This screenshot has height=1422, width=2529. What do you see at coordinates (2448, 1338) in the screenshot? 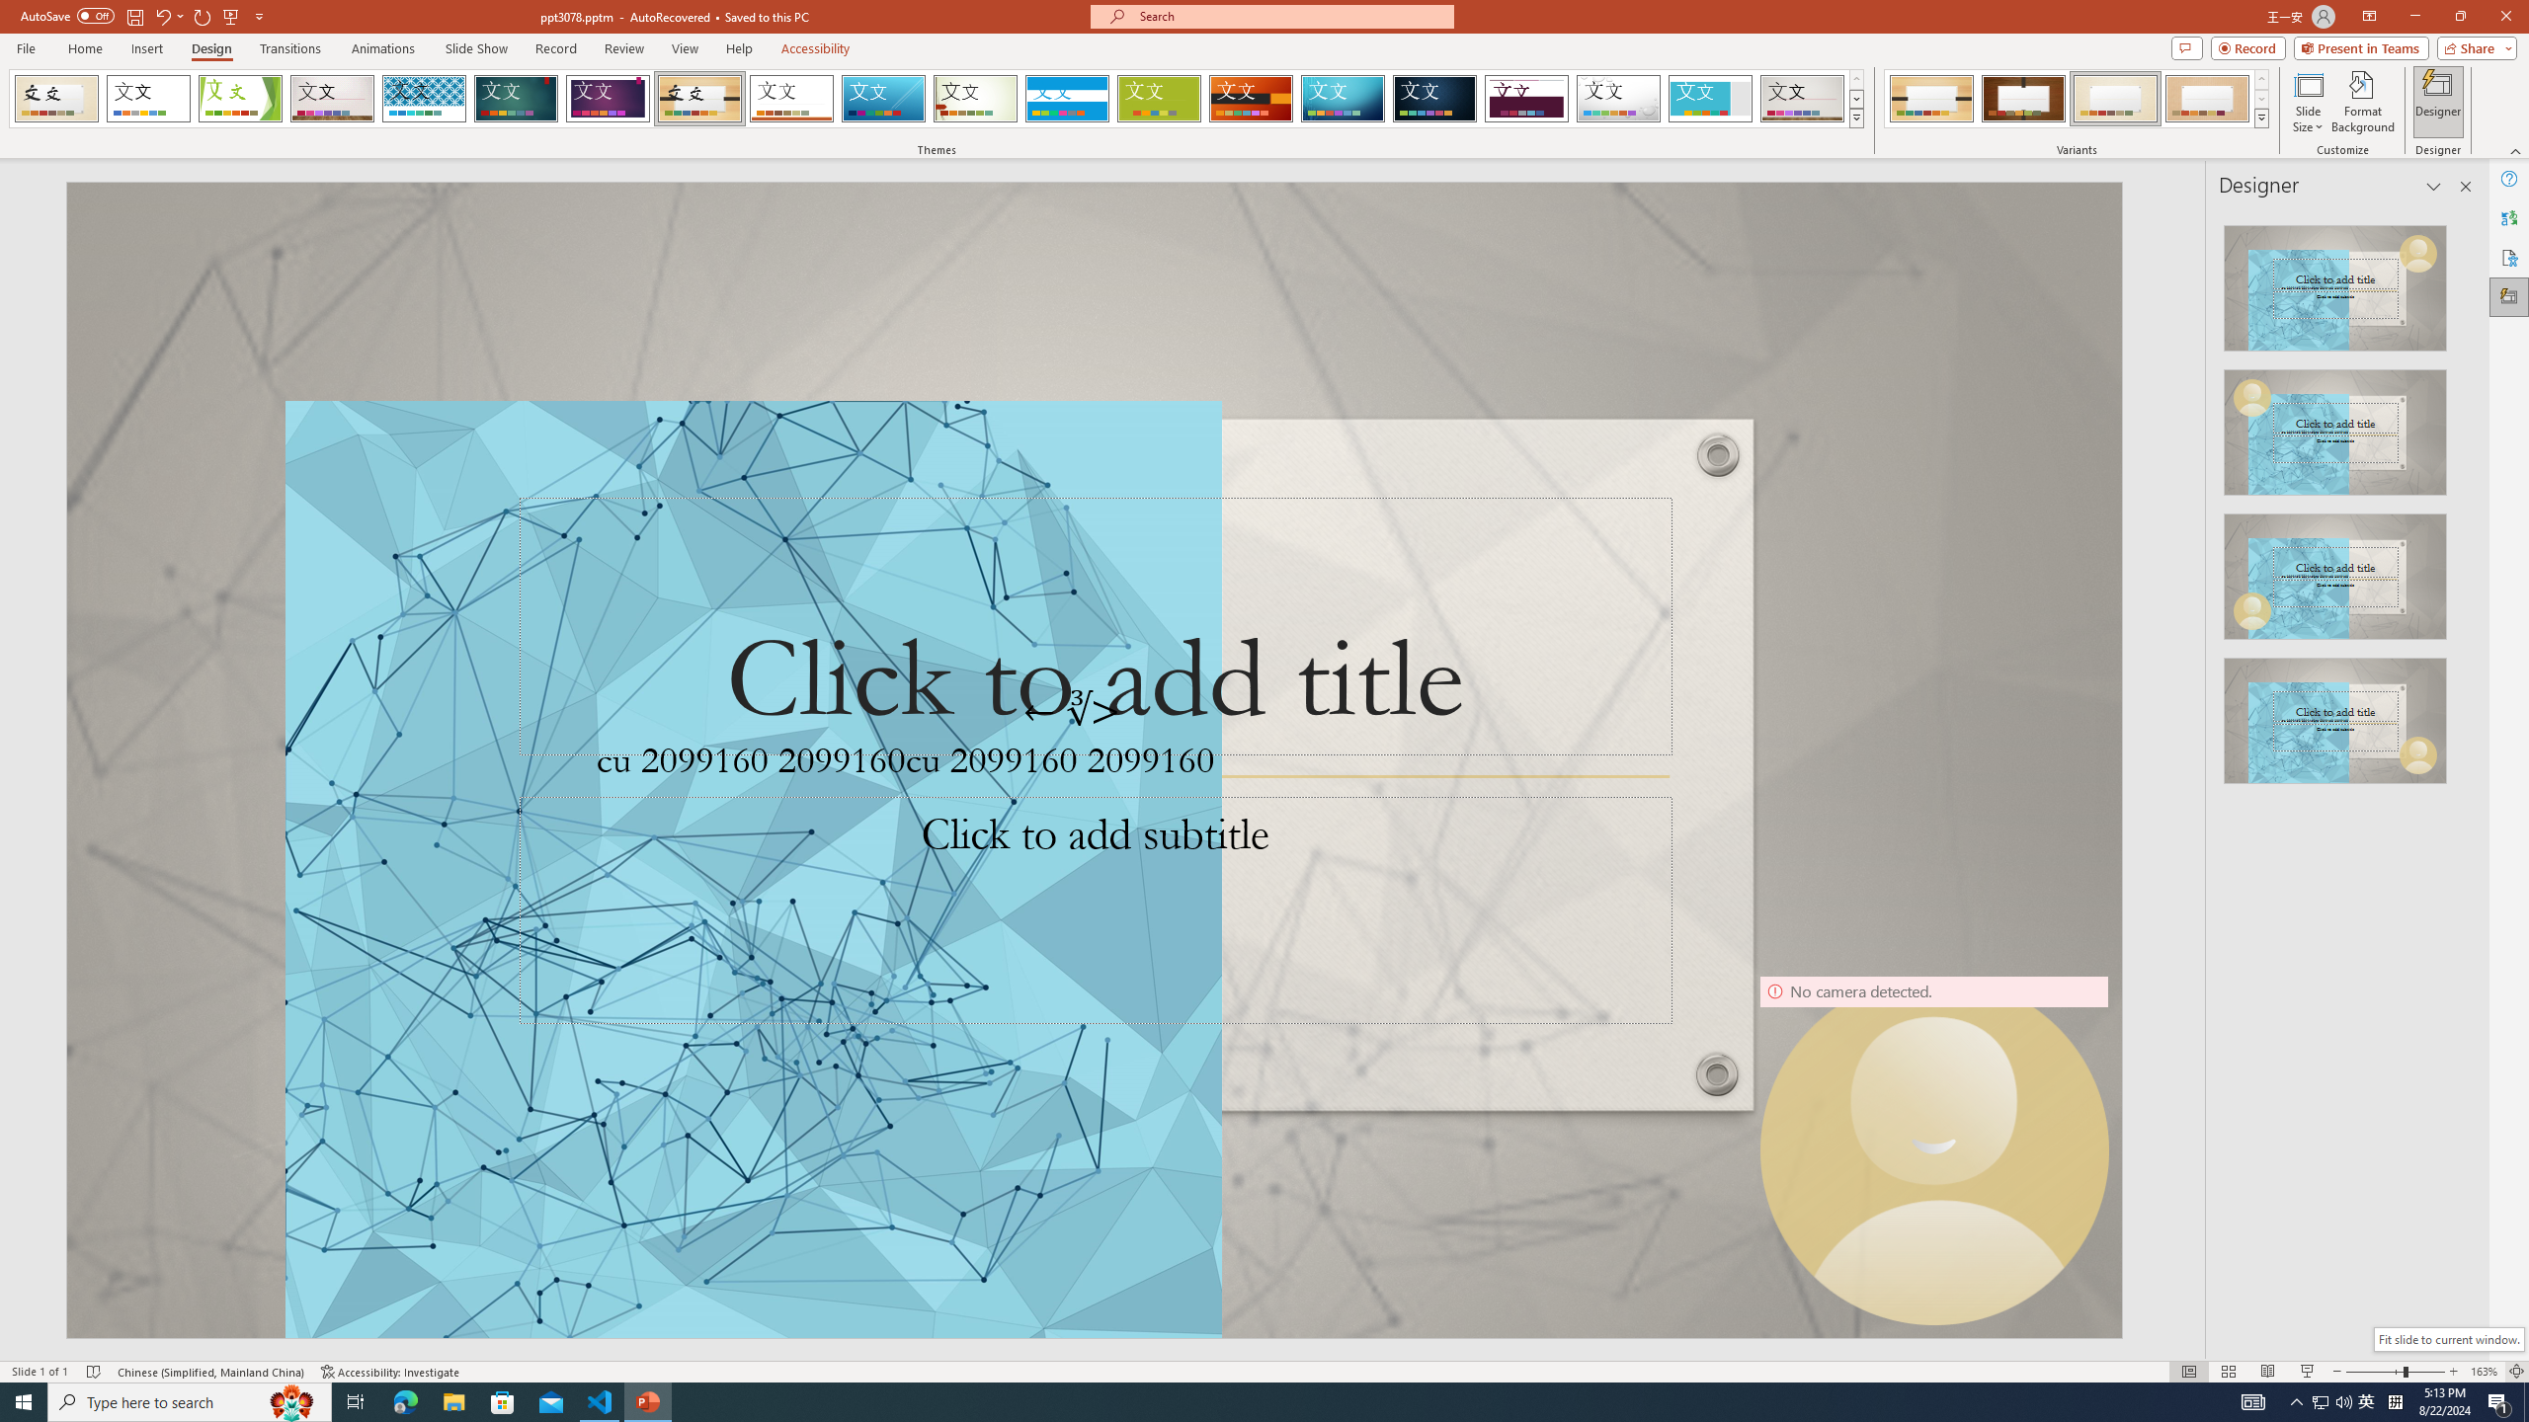
I see `'Fit slide to current window.'` at bounding box center [2448, 1338].